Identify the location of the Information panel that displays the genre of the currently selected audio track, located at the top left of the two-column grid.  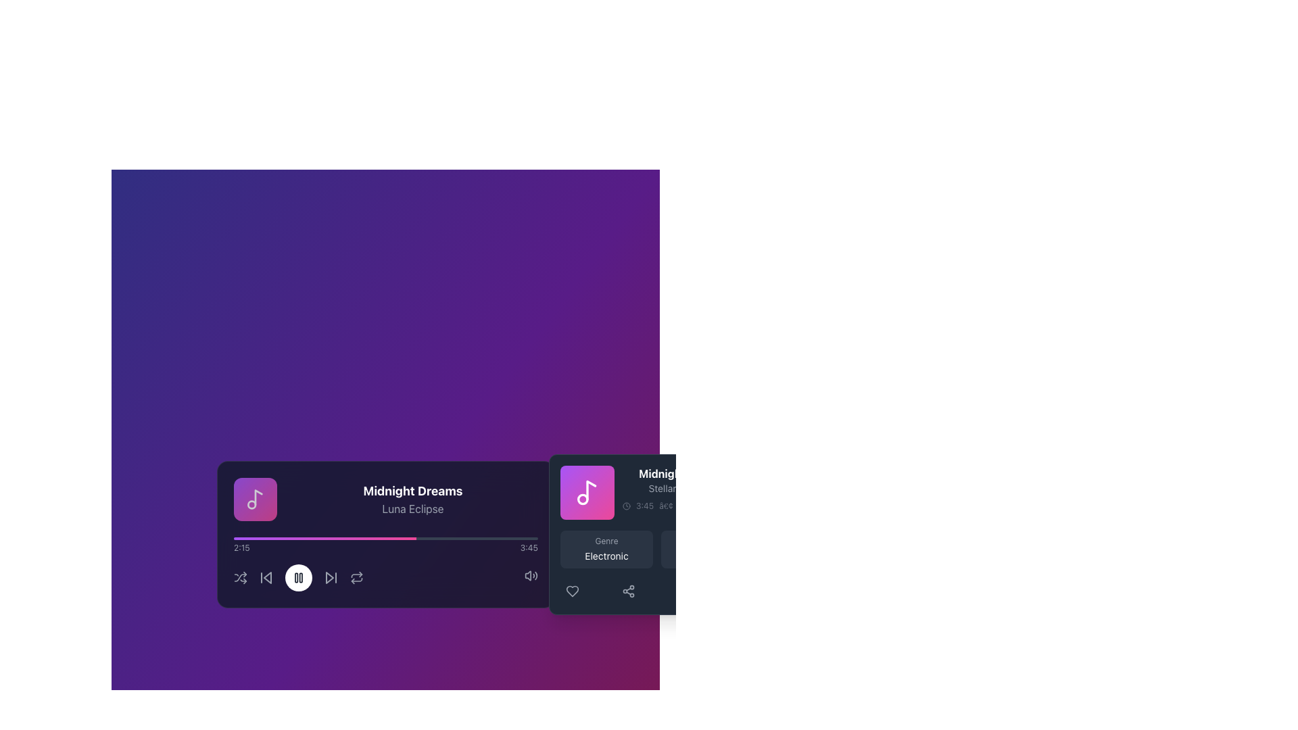
(606, 550).